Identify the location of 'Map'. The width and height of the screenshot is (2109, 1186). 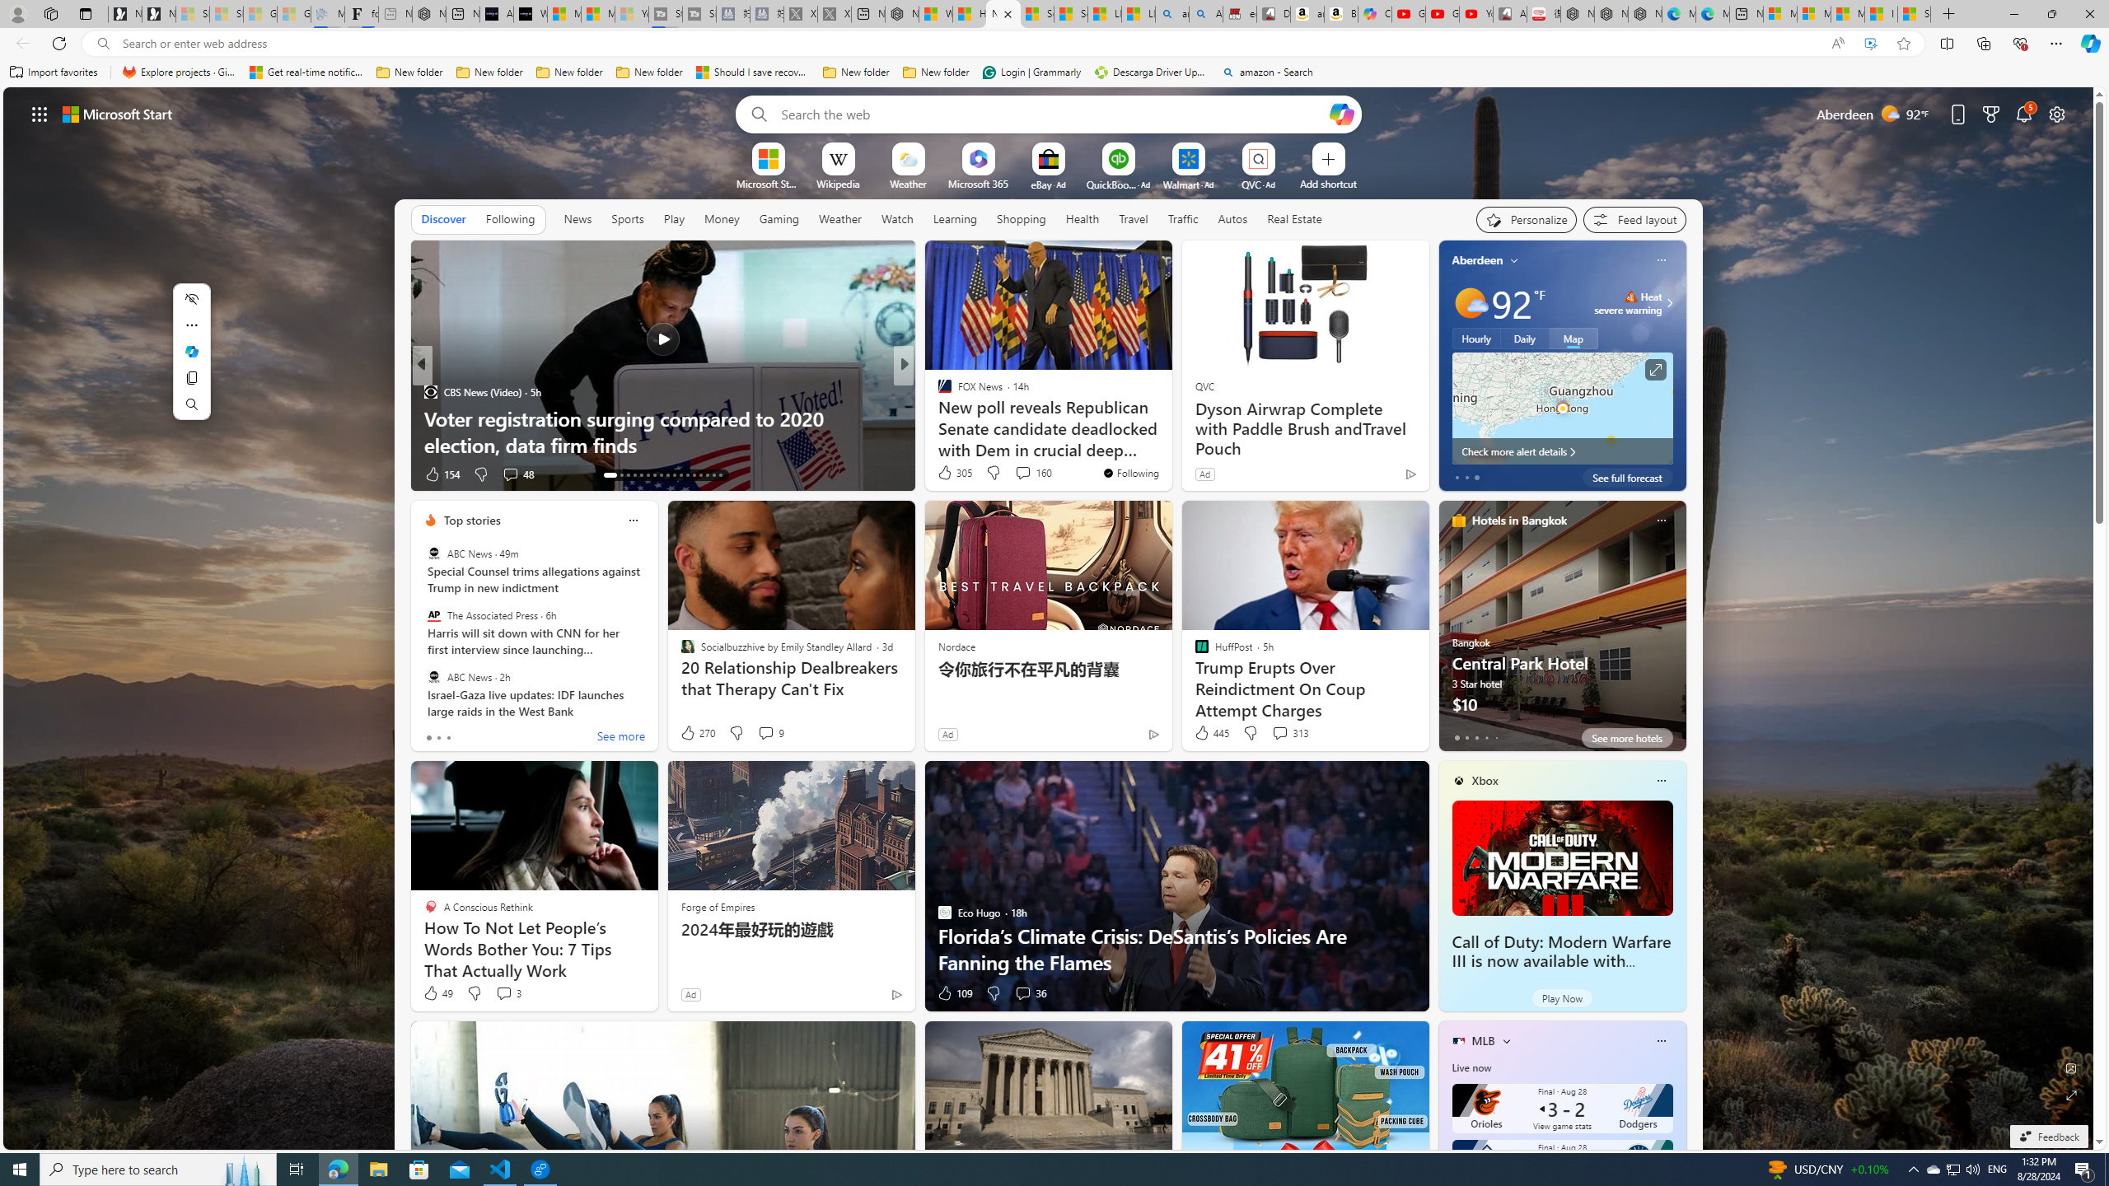
(1572, 337).